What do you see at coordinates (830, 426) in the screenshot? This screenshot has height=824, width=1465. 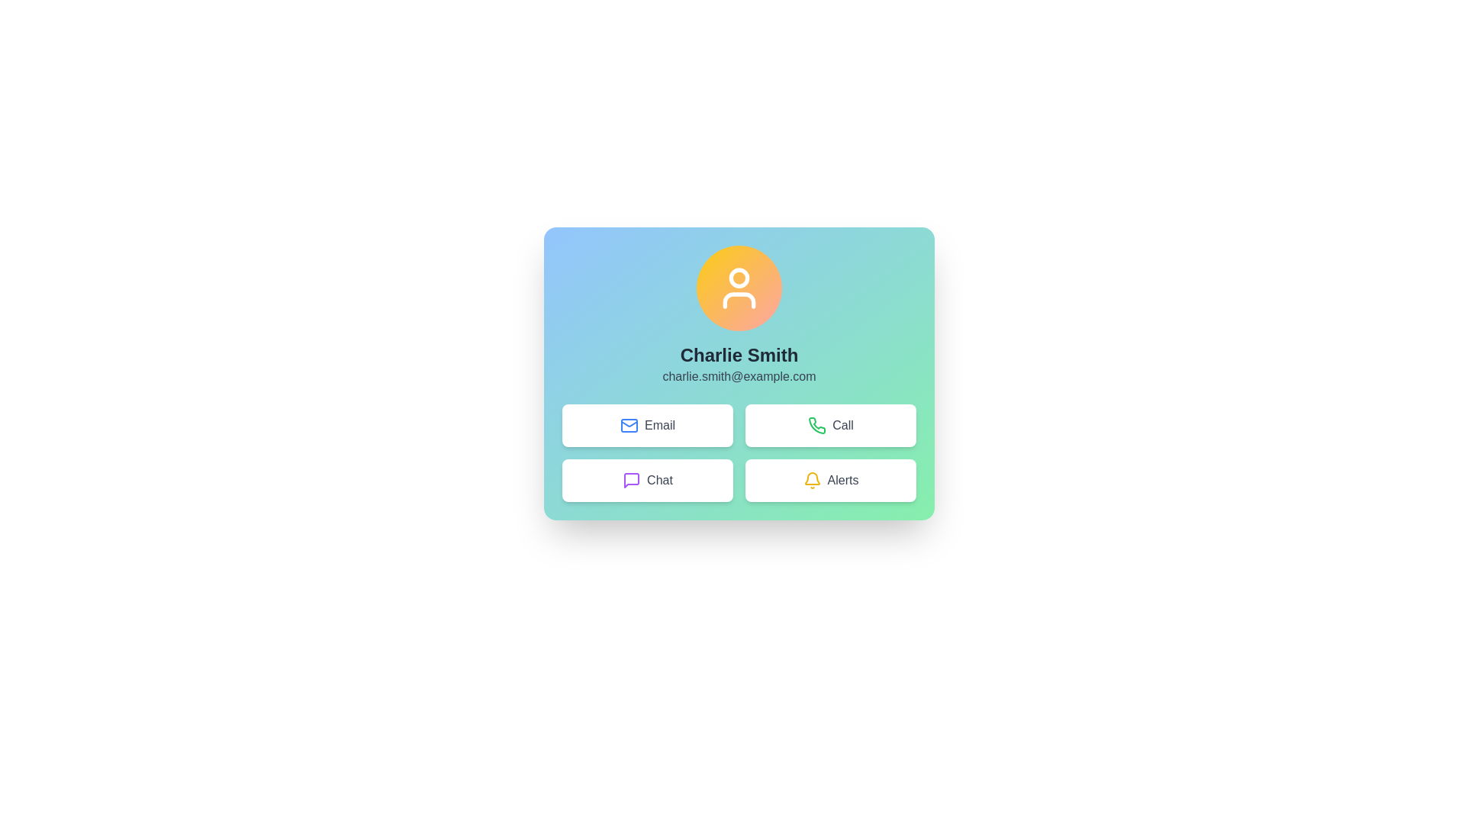 I see `the 'Call' button located in the top-right corner of the grid, which has a green phone icon and is the second button in the first row, to initiate a call` at bounding box center [830, 426].